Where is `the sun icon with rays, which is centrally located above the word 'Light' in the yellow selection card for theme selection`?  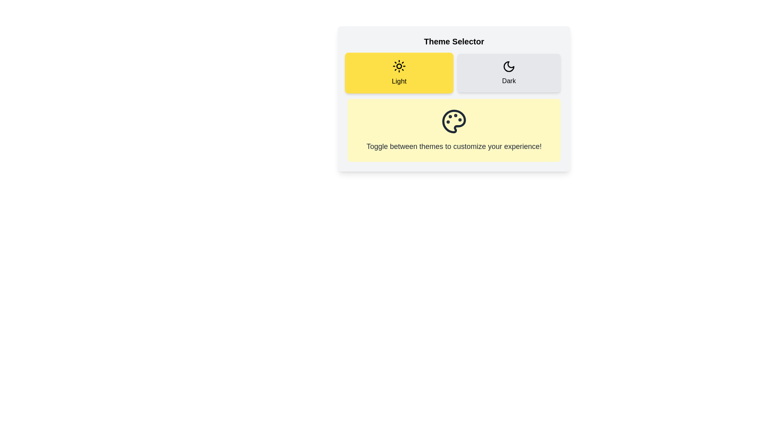 the sun icon with rays, which is centrally located above the word 'Light' in the yellow selection card for theme selection is located at coordinates (399, 66).